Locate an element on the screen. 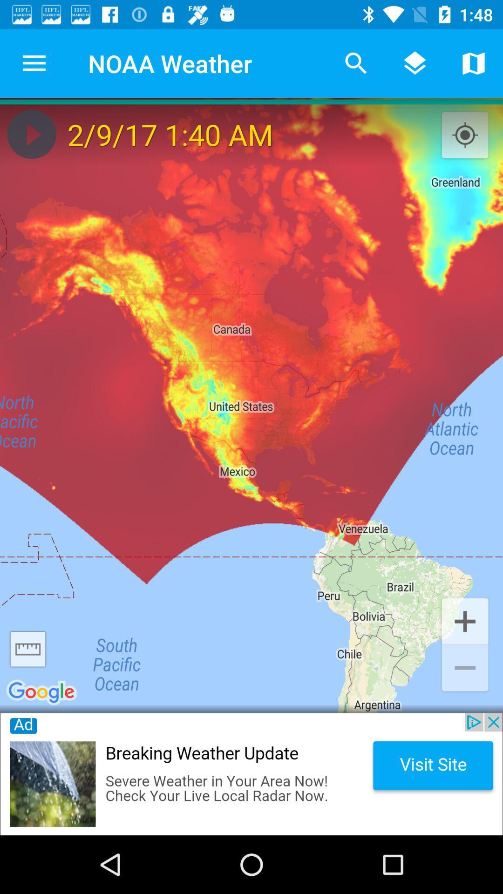 The width and height of the screenshot is (503, 894). animation is located at coordinates (31, 134).